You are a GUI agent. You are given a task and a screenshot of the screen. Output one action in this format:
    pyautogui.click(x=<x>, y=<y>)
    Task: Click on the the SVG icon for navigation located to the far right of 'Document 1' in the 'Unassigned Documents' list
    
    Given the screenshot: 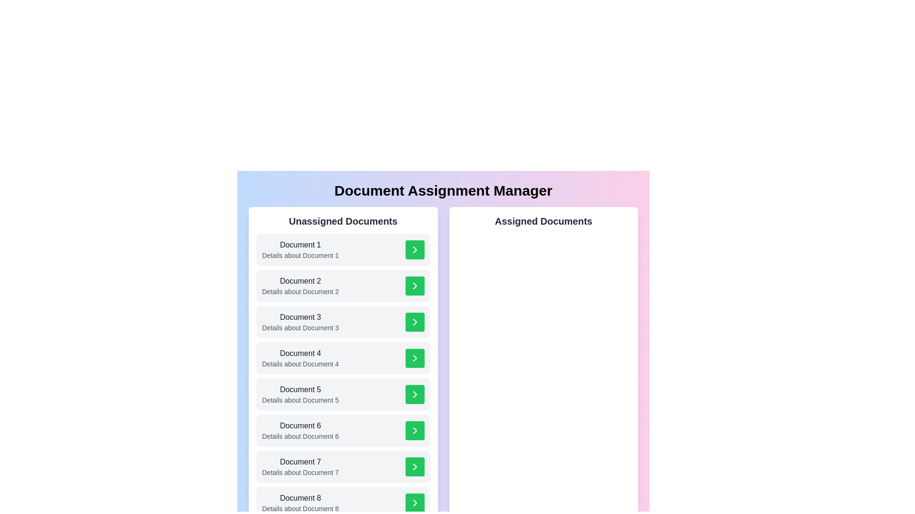 What is the action you would take?
    pyautogui.click(x=415, y=249)
    